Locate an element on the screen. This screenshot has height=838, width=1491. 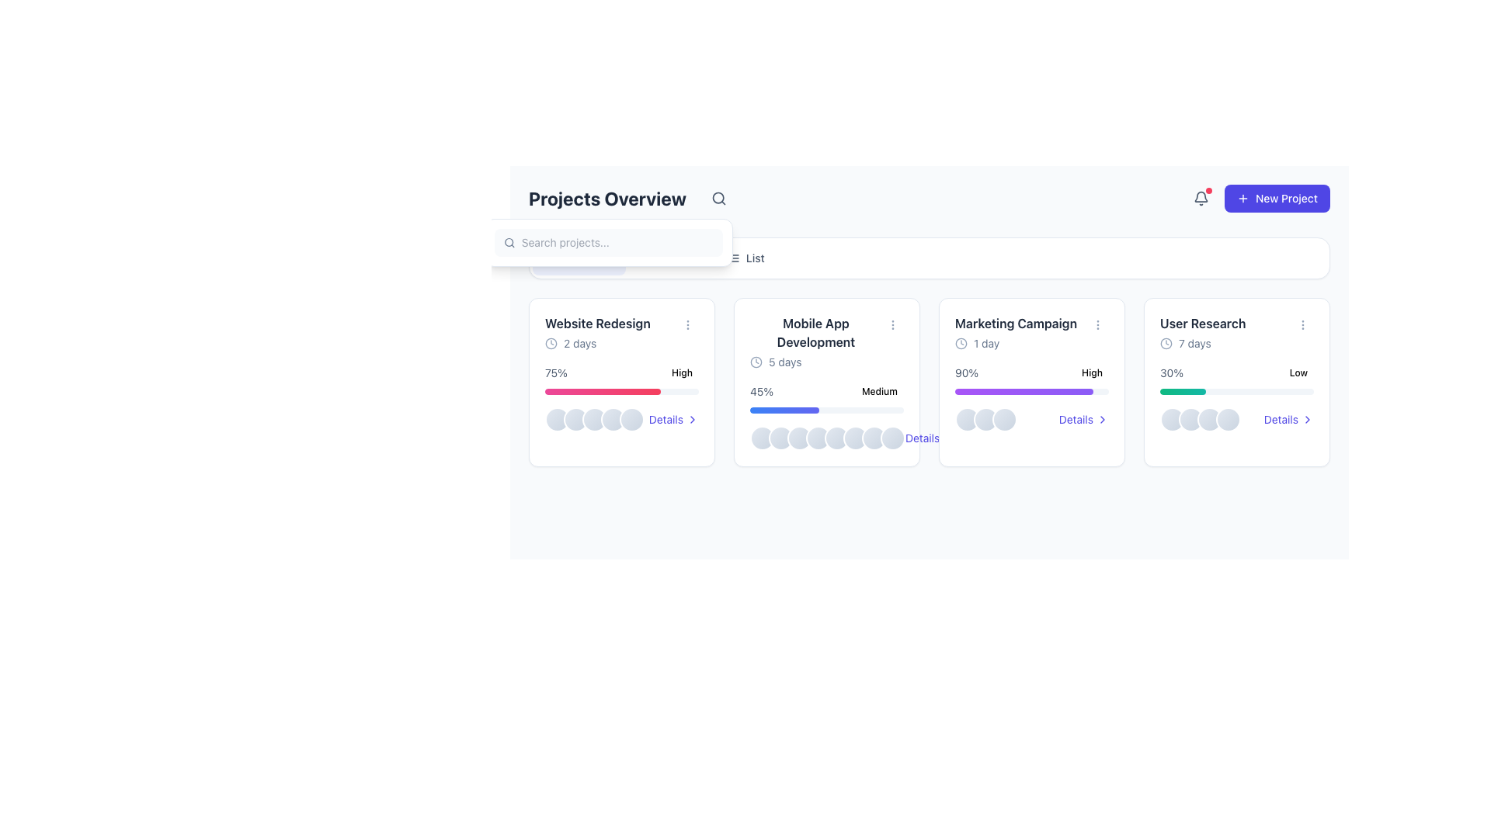
the middle avatar in the horizontally stacked Avatar group located within the 'Marketing Campaign' card, which is positioned below the '90%' progress bar is located at coordinates (985, 419).